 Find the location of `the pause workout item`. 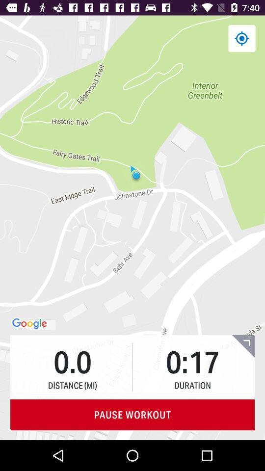

the pause workout item is located at coordinates (132, 414).